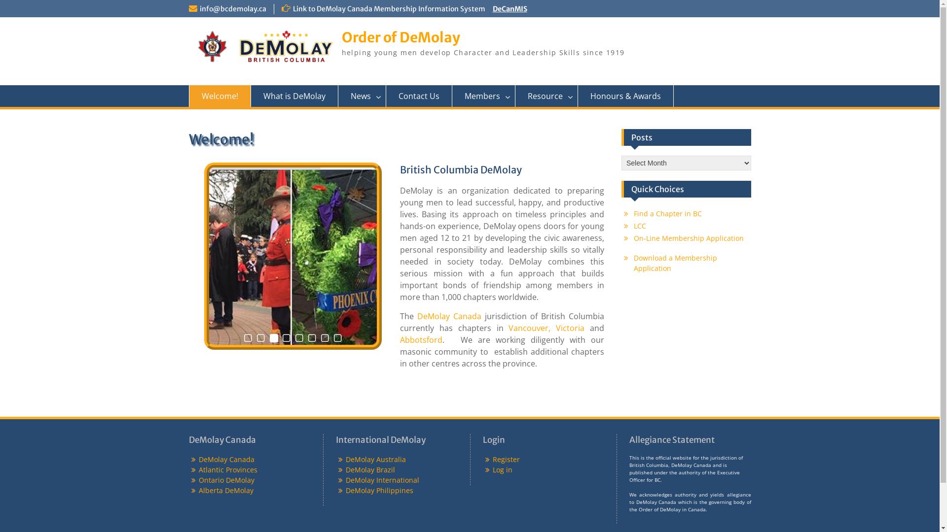 Image resolution: width=947 pixels, height=532 pixels. I want to click on 'What is DeMolay', so click(293, 96).